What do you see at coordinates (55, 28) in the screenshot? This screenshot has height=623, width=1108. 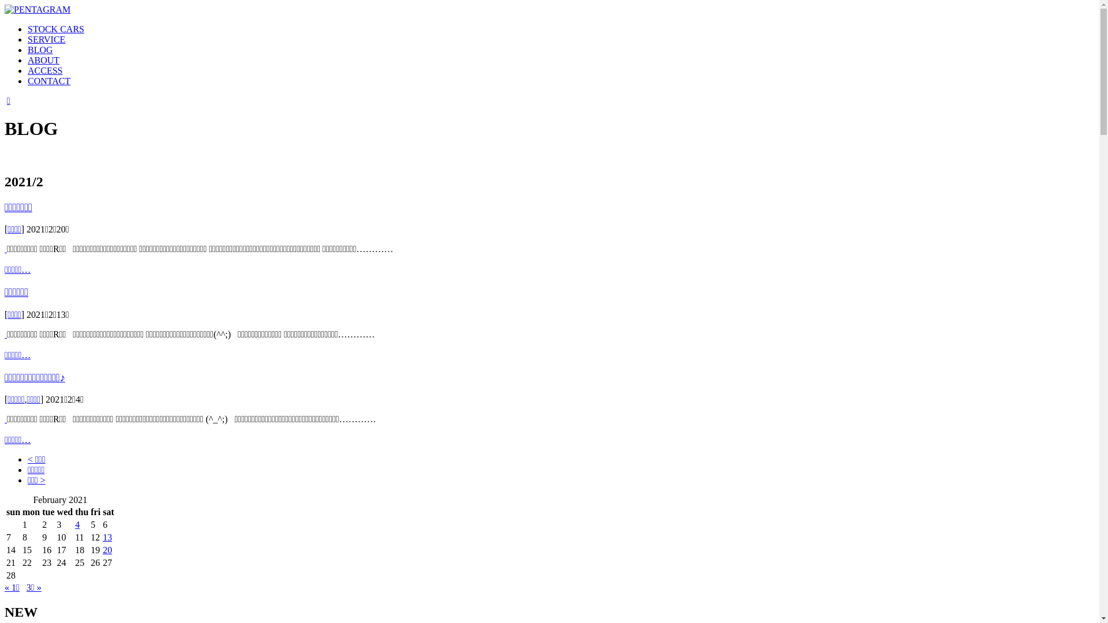 I see `'STOCK CARS'` at bounding box center [55, 28].